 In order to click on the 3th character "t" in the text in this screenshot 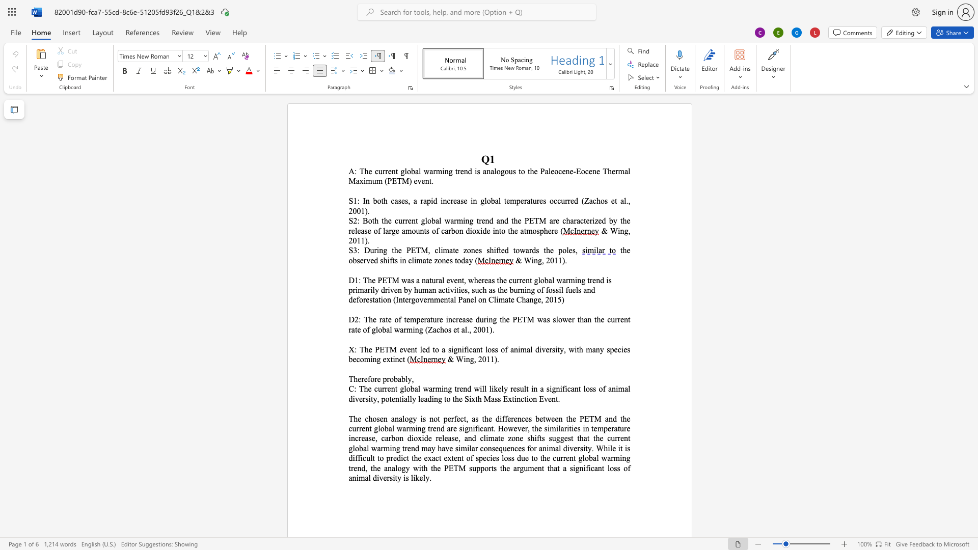, I will do `click(531, 201)`.